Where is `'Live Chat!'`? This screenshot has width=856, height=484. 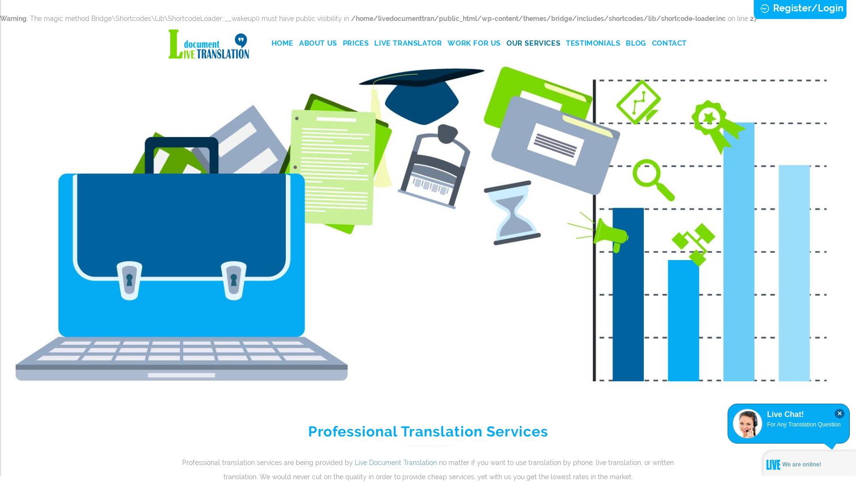
'Live Chat!' is located at coordinates (766, 414).